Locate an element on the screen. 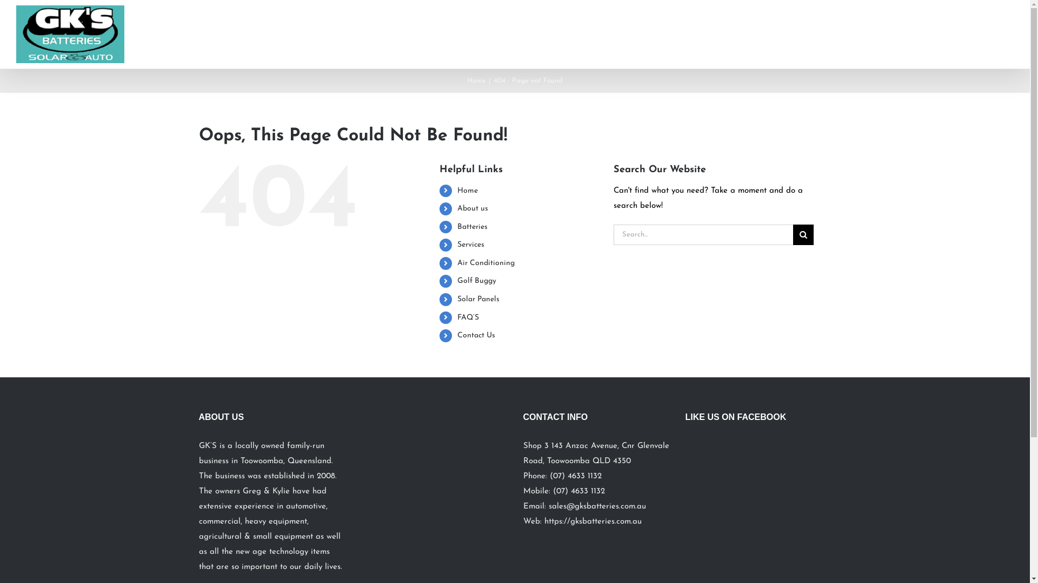 The height and width of the screenshot is (583, 1038). '(07) 4633 1132' is located at coordinates (553, 491).